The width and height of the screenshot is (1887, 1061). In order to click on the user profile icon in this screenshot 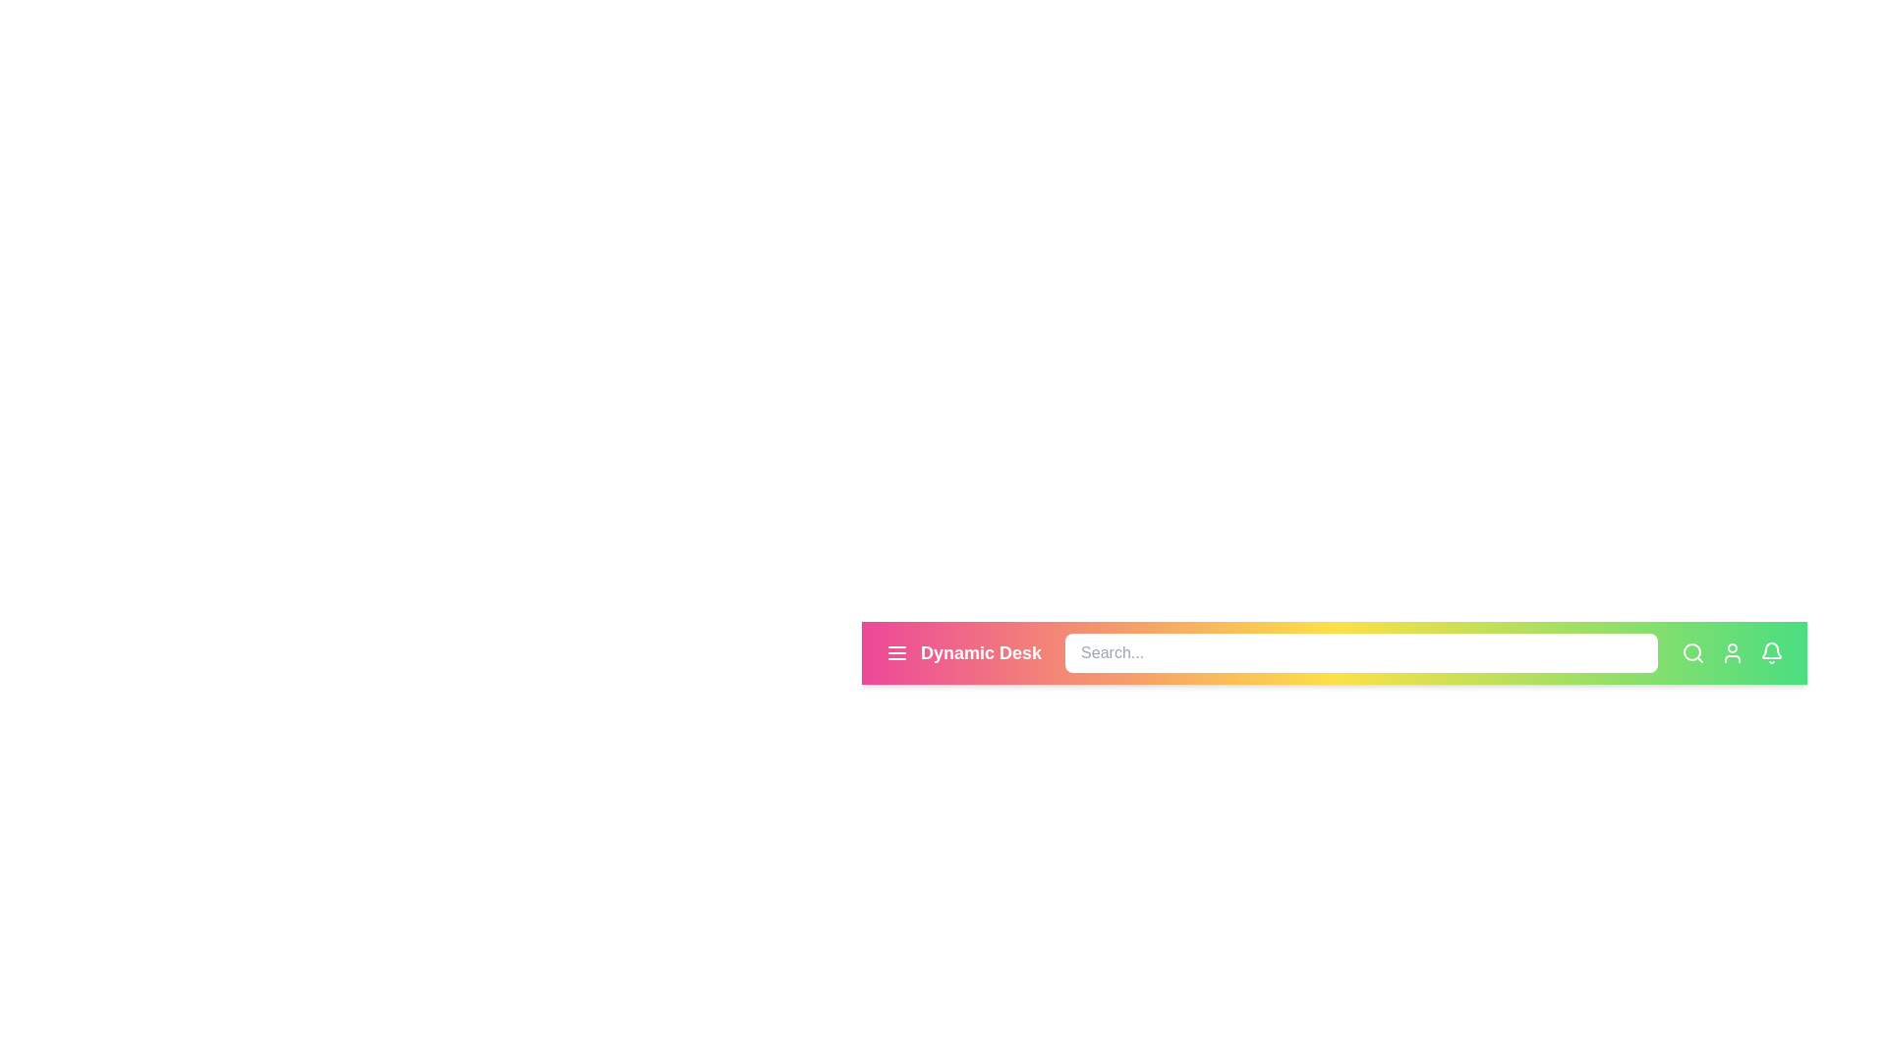, I will do `click(1732, 652)`.